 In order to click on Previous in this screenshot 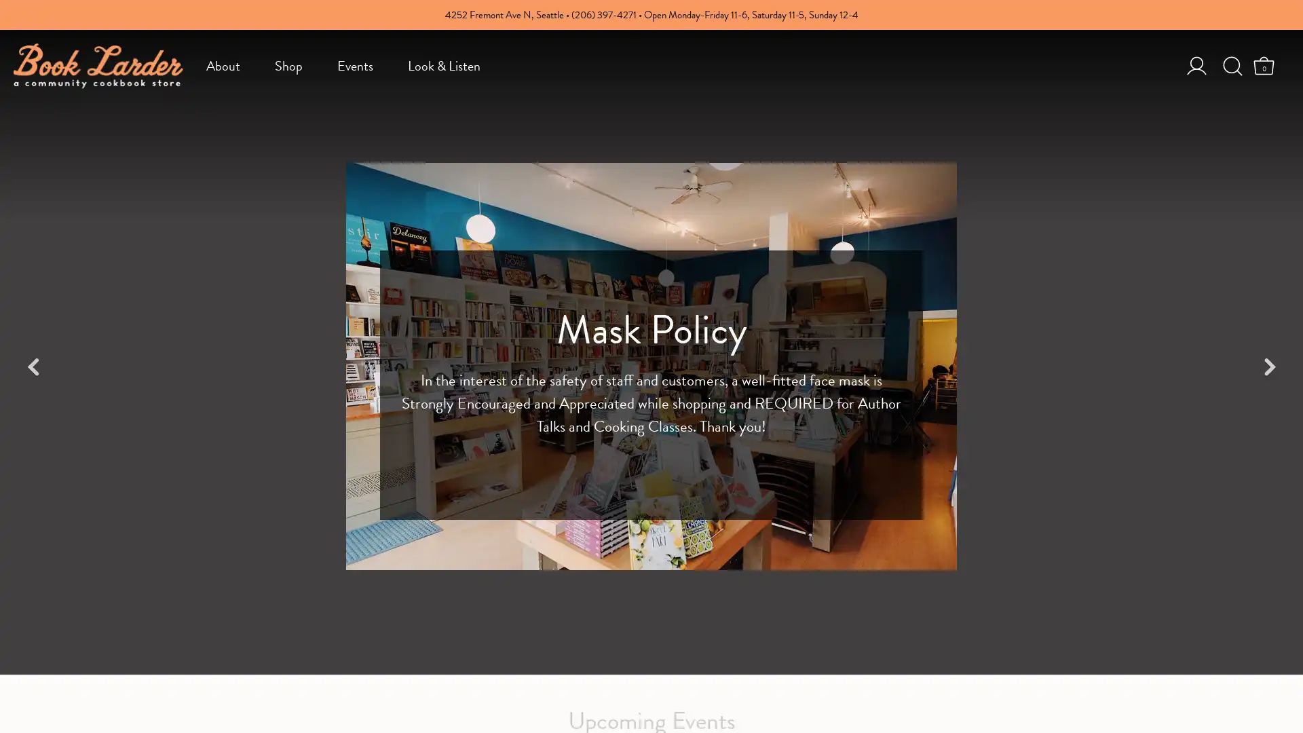, I will do `click(33, 366)`.